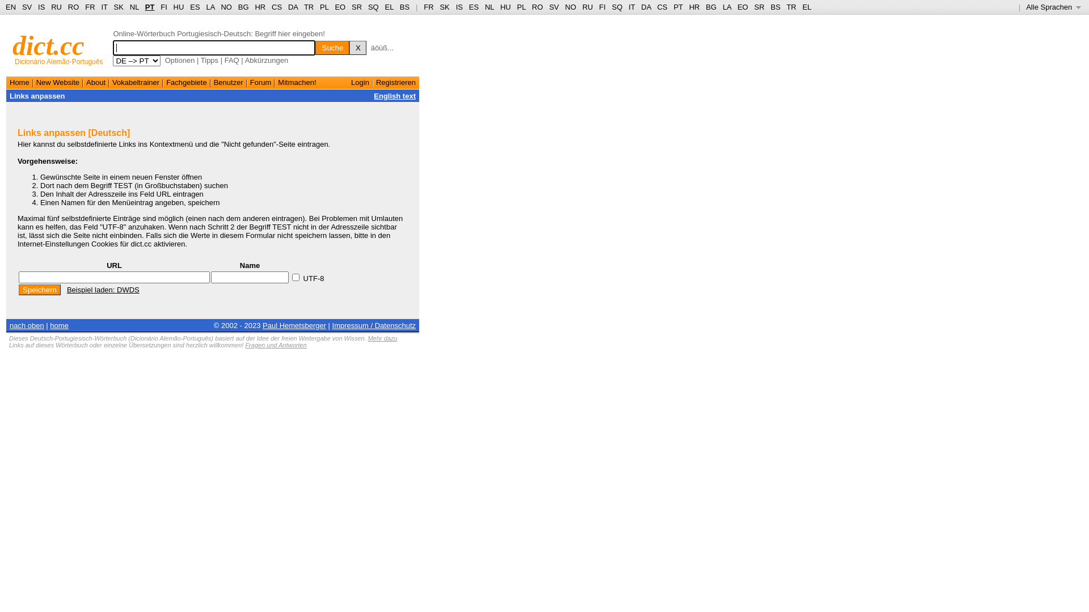 This screenshot has width=1089, height=612. Describe the element at coordinates (617, 7) in the screenshot. I see `'SQ'` at that location.